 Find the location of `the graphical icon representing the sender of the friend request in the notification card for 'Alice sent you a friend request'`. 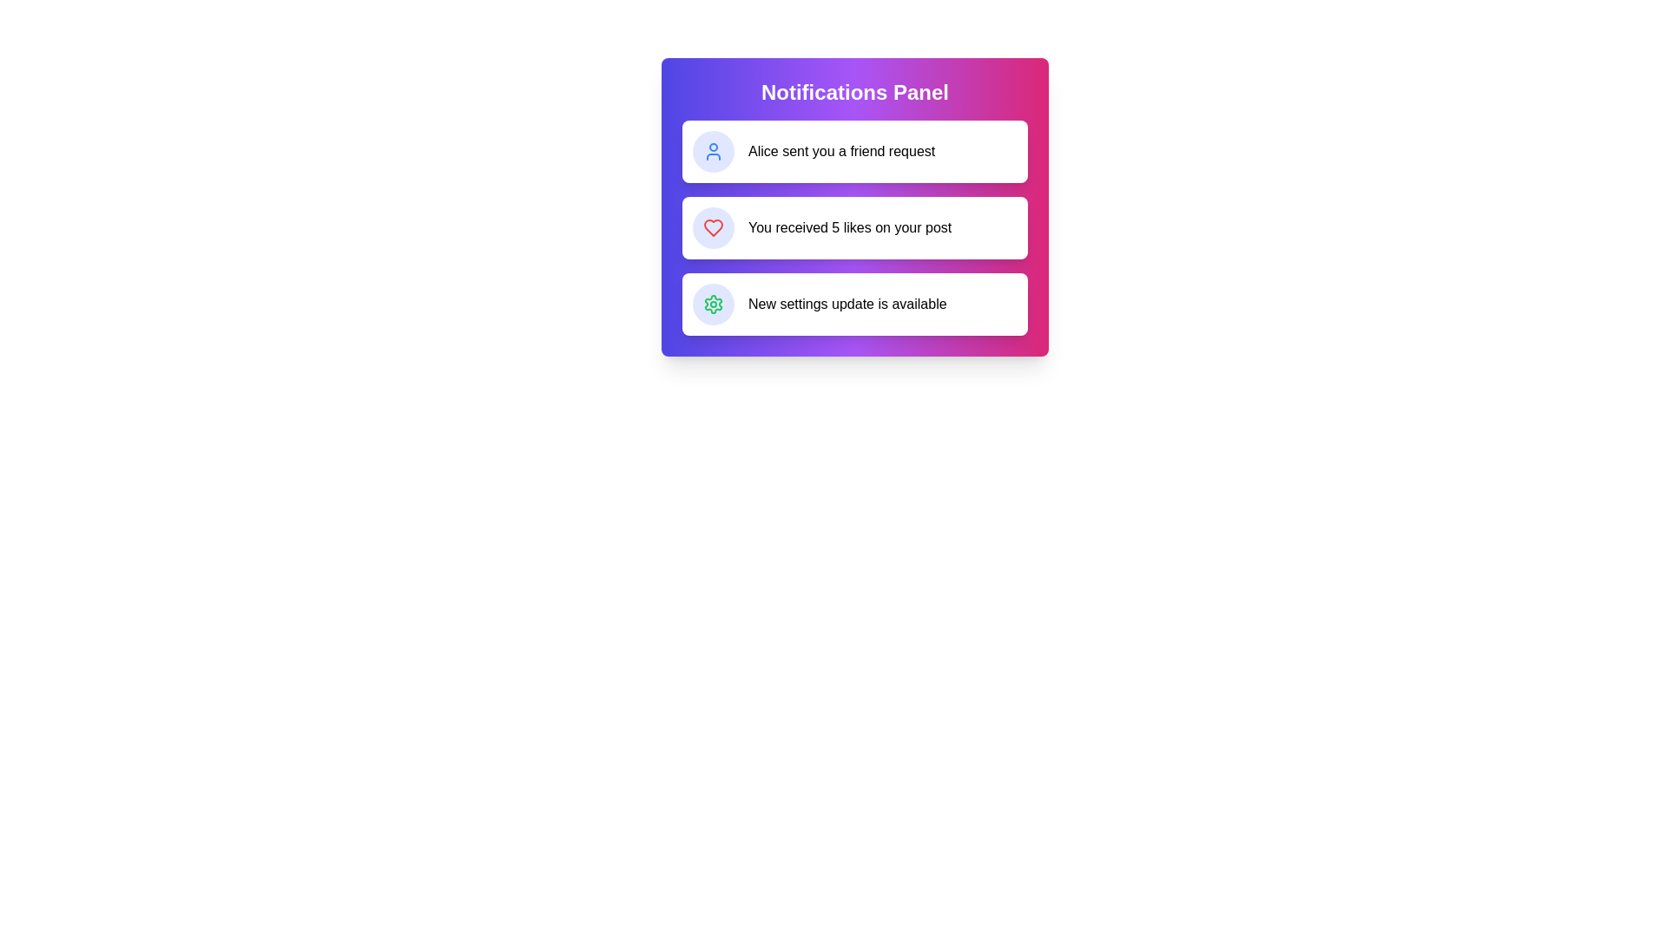

the graphical icon representing the sender of the friend request in the notification card for 'Alice sent you a friend request' is located at coordinates (713, 150).